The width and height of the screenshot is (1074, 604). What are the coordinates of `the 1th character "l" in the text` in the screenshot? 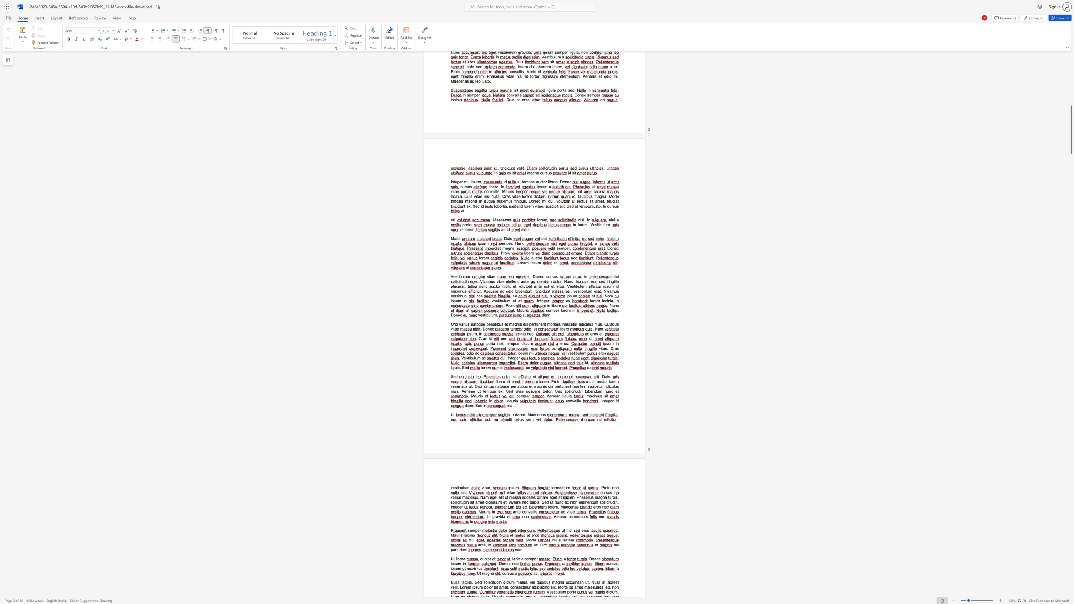 It's located at (532, 511).